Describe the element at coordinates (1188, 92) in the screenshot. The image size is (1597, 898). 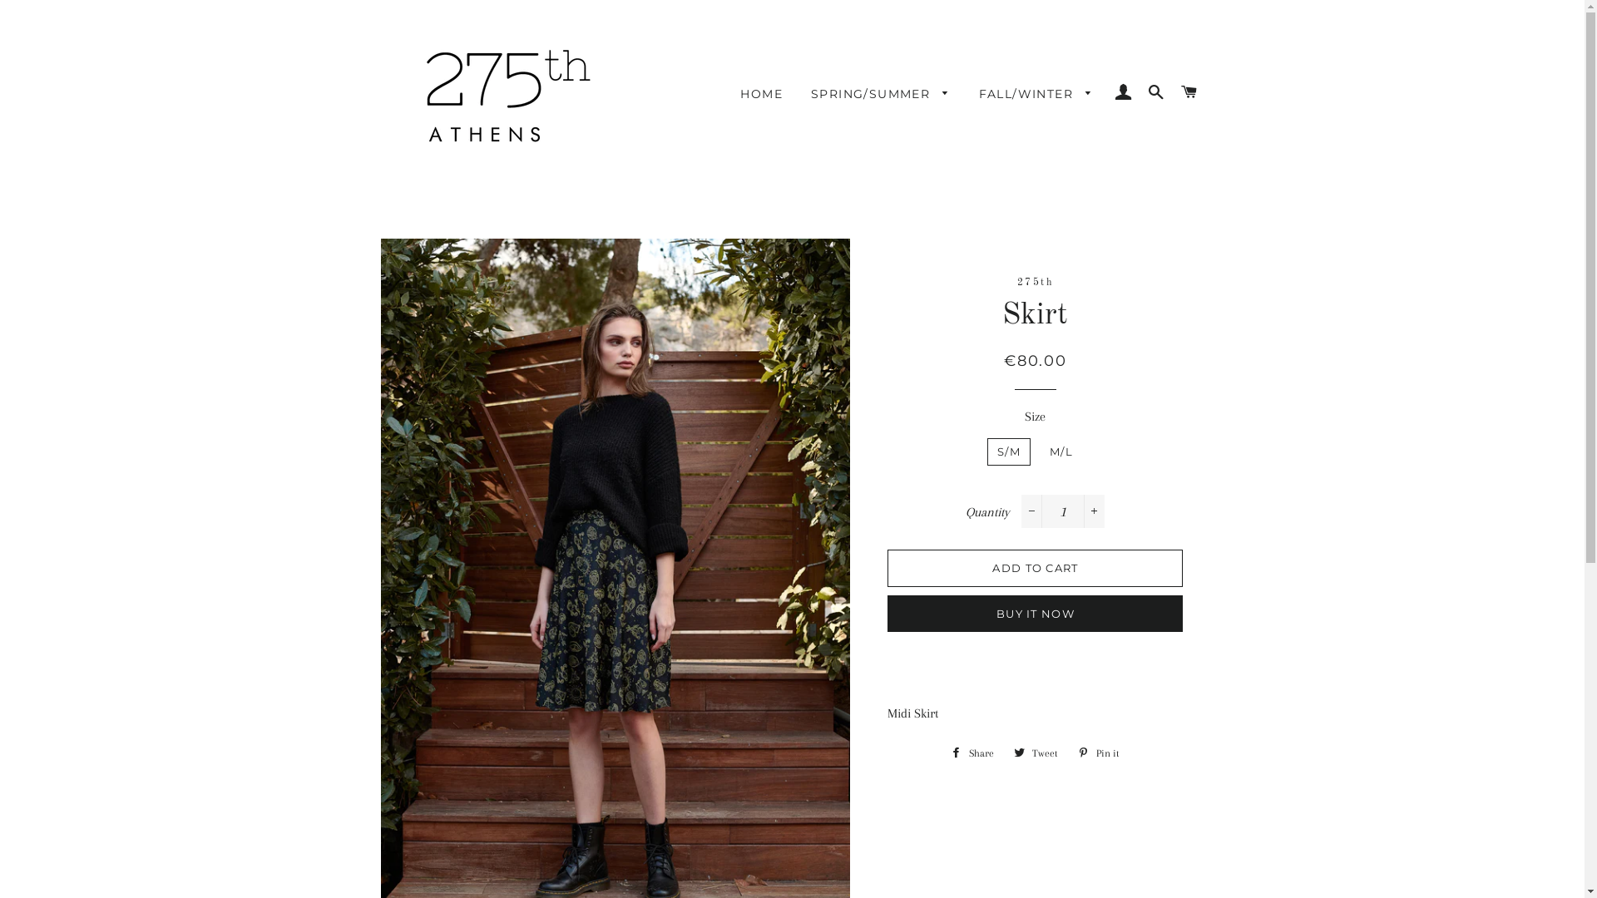
I see `'CART'` at that location.